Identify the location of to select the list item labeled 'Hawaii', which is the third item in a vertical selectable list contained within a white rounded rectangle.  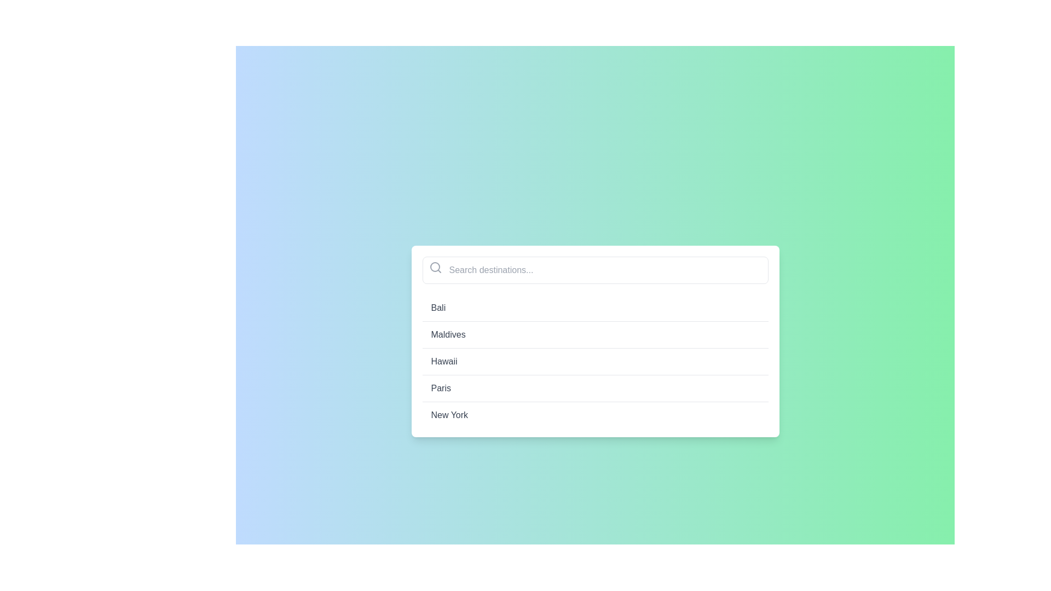
(594, 361).